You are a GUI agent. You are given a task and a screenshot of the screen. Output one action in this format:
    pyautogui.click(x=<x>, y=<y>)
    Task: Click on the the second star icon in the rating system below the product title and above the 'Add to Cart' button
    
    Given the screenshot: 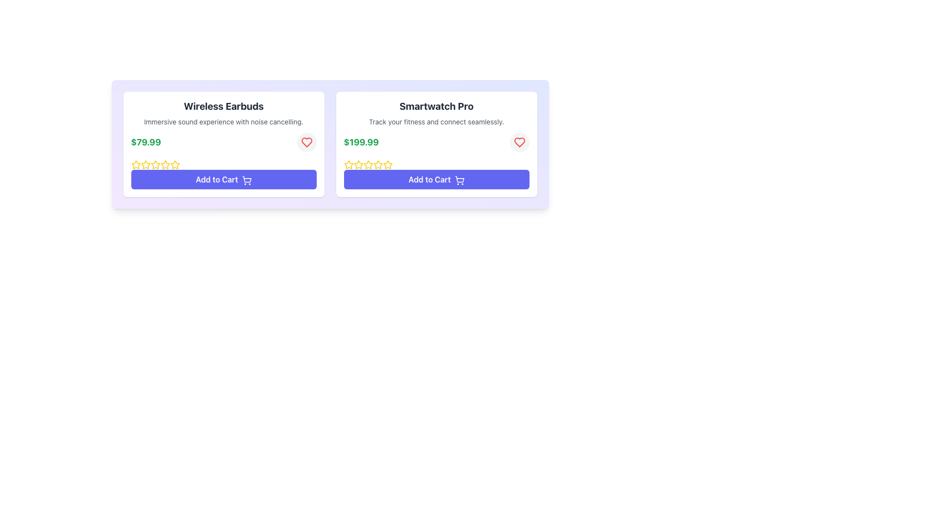 What is the action you would take?
    pyautogui.click(x=164, y=163)
    